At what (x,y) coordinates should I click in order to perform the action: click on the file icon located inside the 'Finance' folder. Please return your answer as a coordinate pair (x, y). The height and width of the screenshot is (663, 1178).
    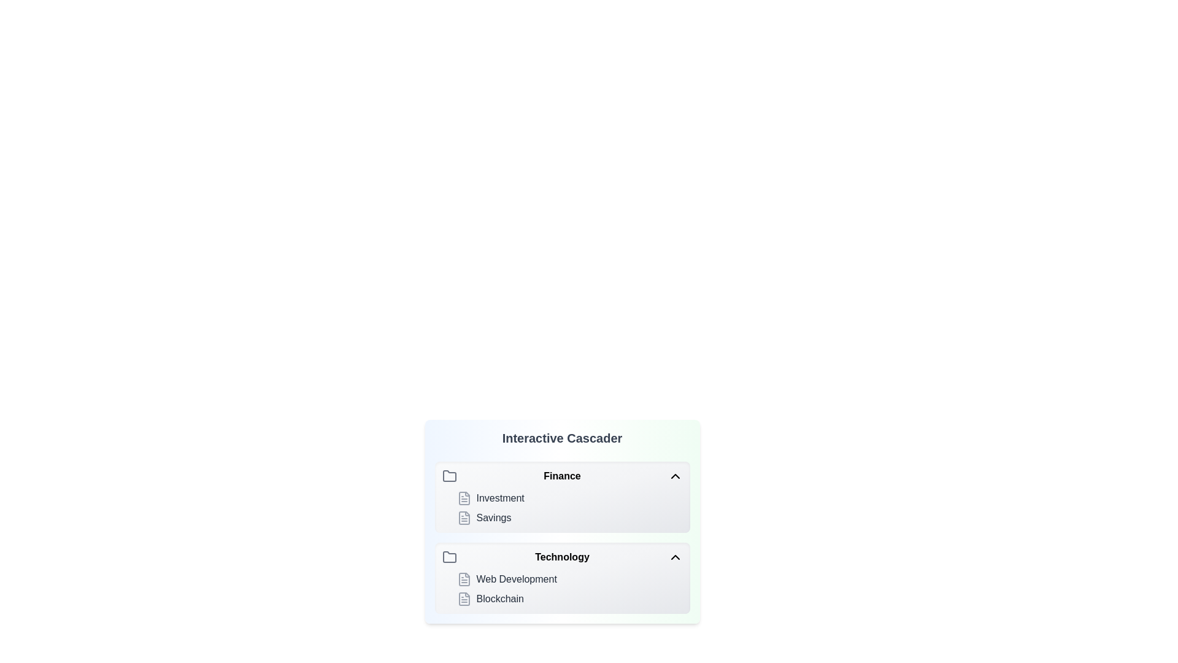
    Looking at the image, I should click on (463, 498).